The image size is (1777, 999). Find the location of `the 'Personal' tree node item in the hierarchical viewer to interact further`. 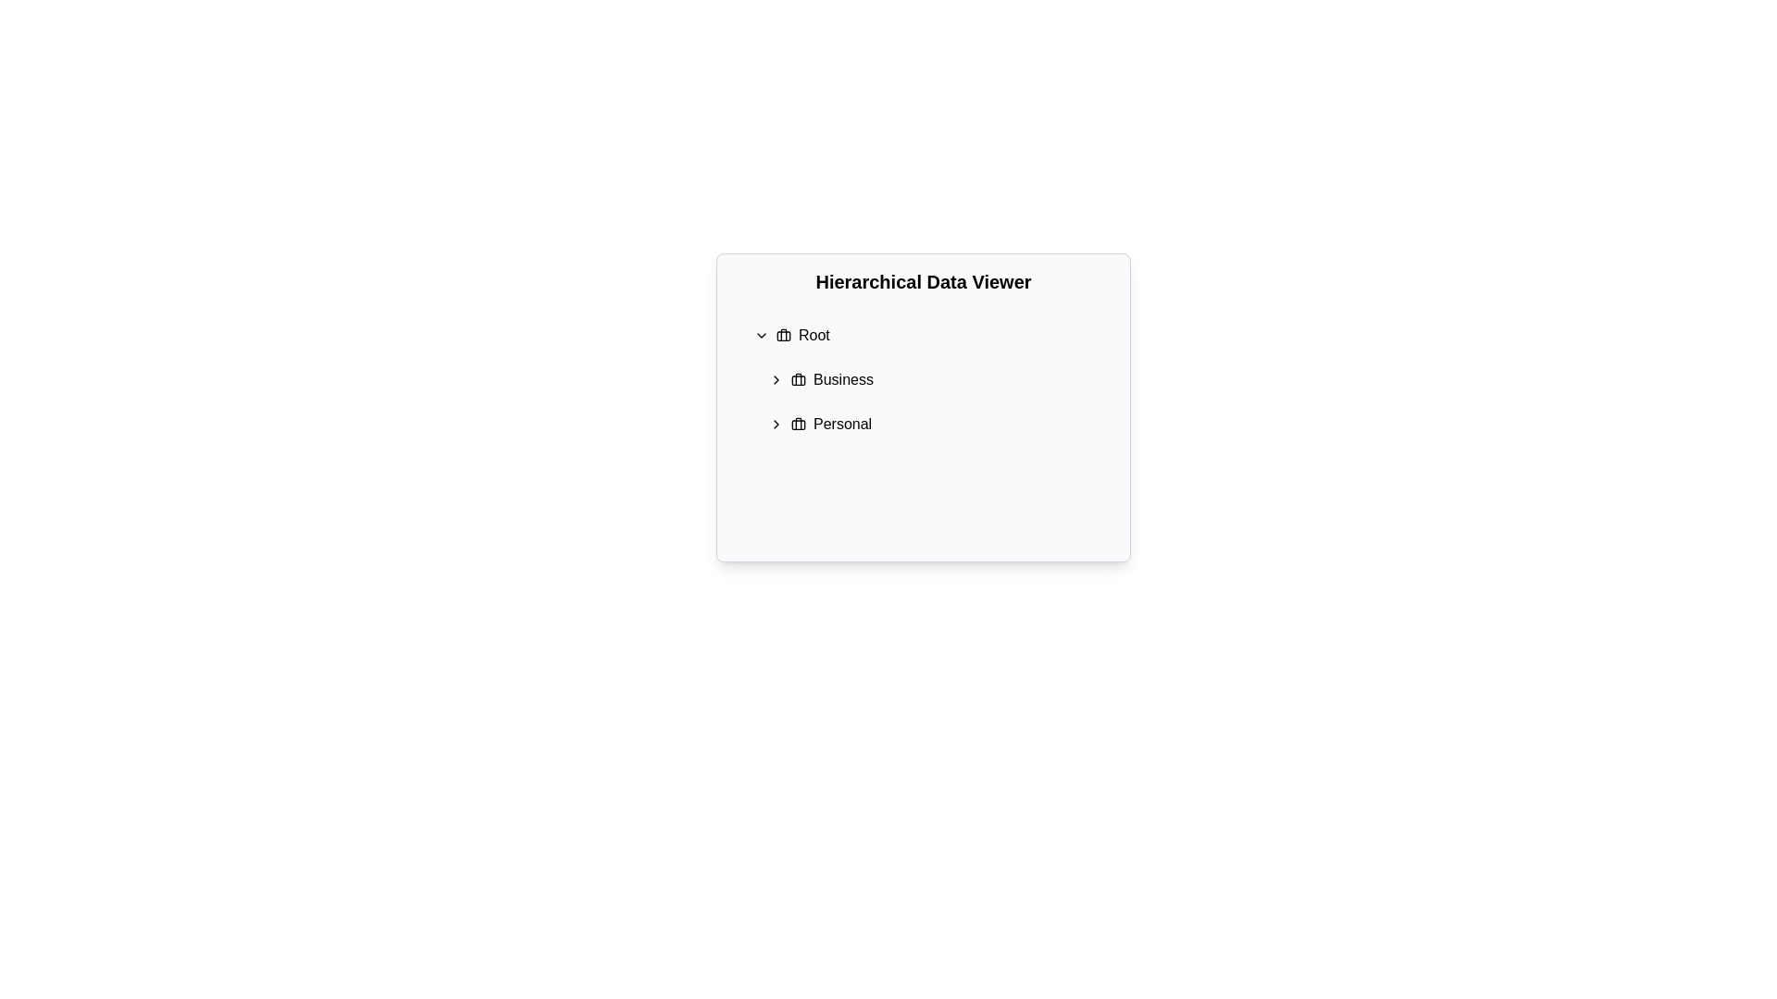

the 'Personal' tree node item in the hierarchical viewer to interact further is located at coordinates (938, 425).